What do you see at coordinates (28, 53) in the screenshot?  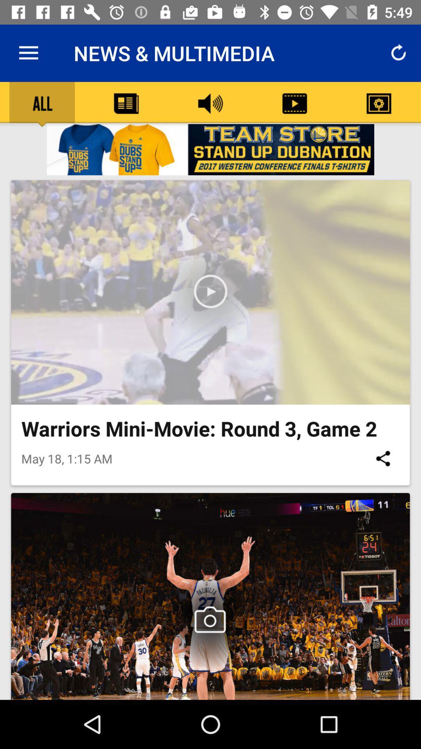 I see `the item to the left of the news & multimedia icon` at bounding box center [28, 53].